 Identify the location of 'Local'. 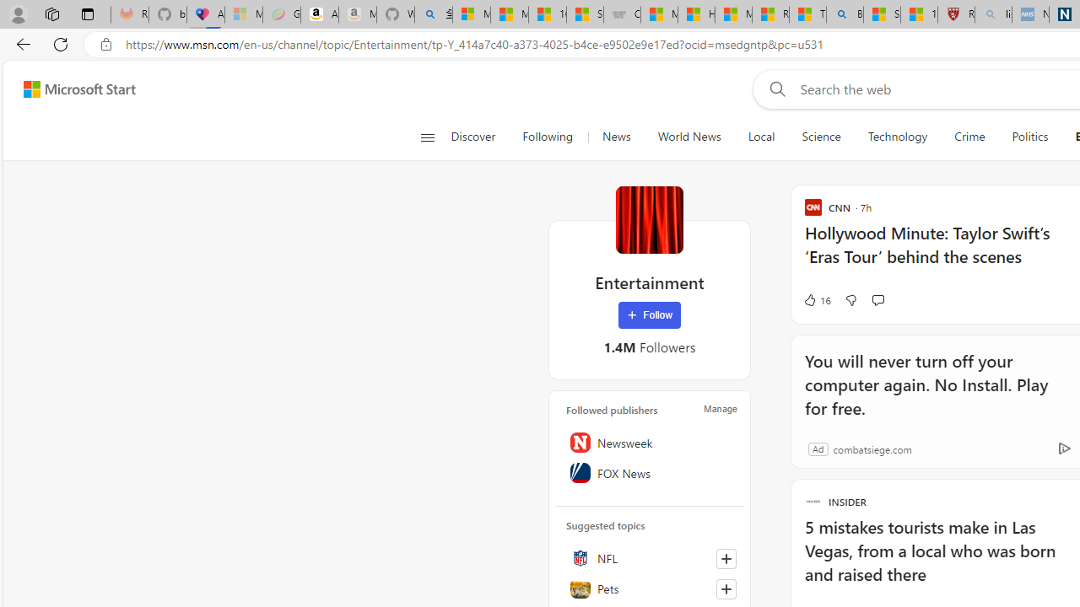
(760, 137).